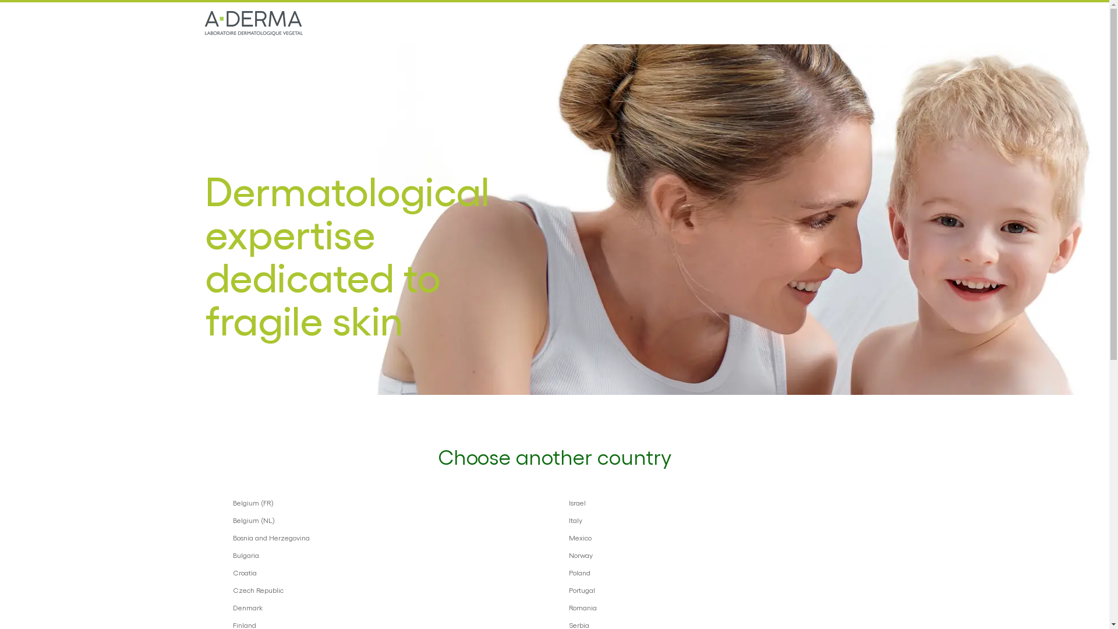 This screenshot has height=629, width=1118. Describe the element at coordinates (387, 554) in the screenshot. I see `'Bulgaria'` at that location.